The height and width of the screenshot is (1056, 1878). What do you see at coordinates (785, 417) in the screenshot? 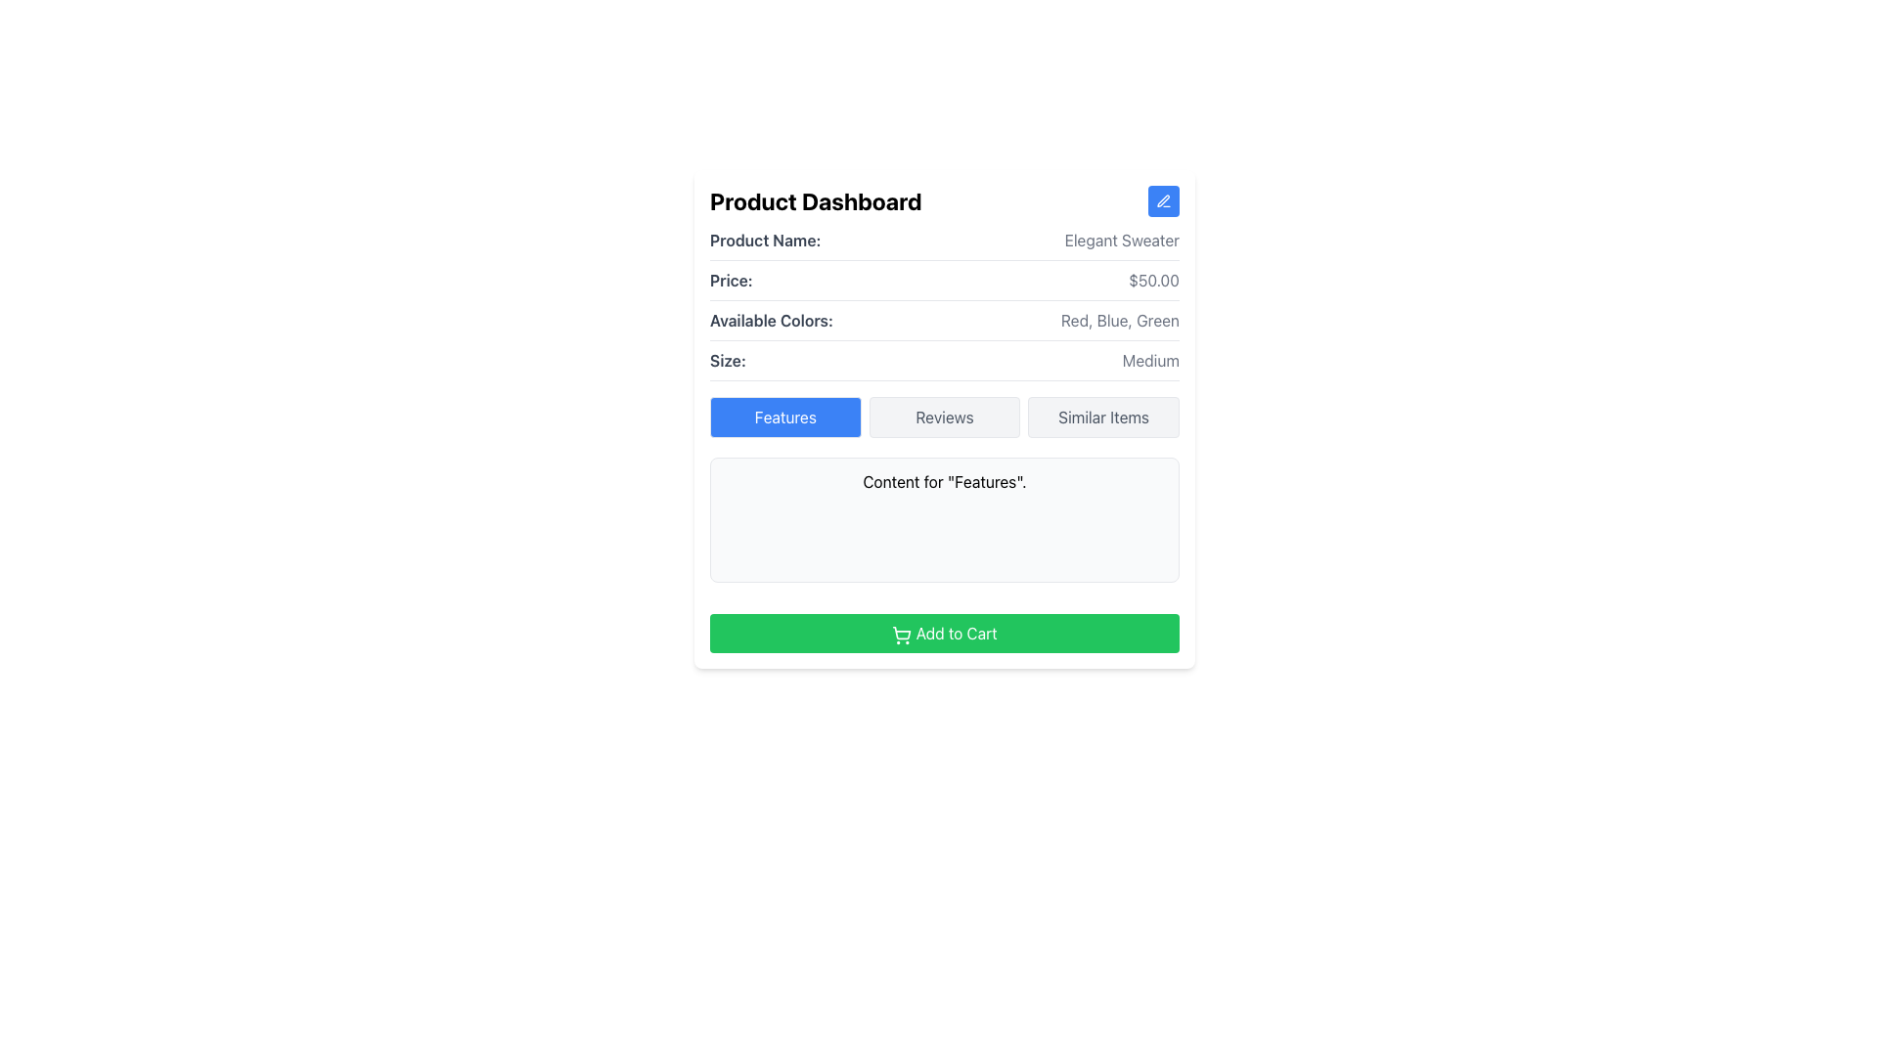
I see `the first button in the grid layout` at bounding box center [785, 417].